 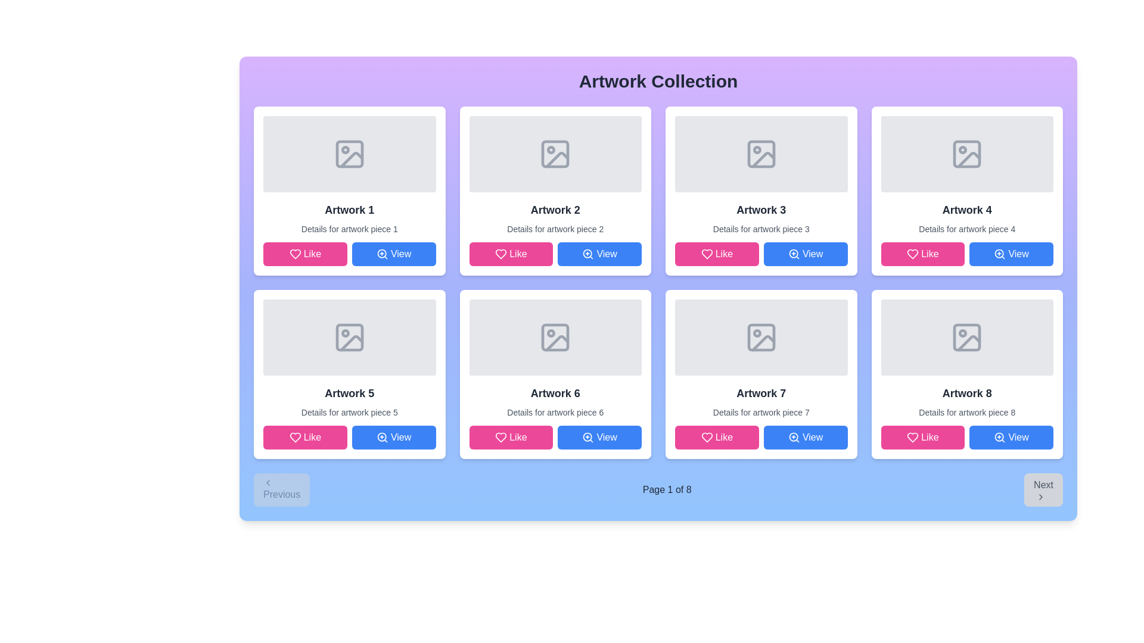 What do you see at coordinates (794, 438) in the screenshot?
I see `the zoom-in icon located on the leftmost part of the blue 'View' button at the bottom-right corner of the 'Artwork 7' card` at bounding box center [794, 438].